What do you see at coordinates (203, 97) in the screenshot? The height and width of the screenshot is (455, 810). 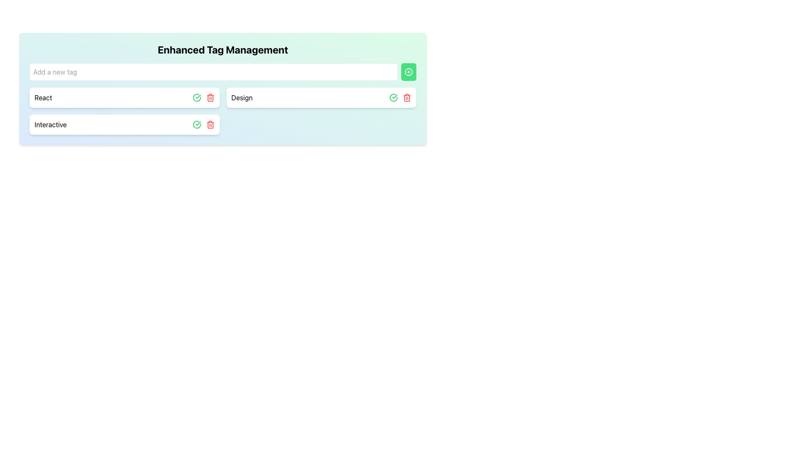 I see `the checkmark icon in the Interactive icon group related to the 'React' tag to confirm or accept` at bounding box center [203, 97].